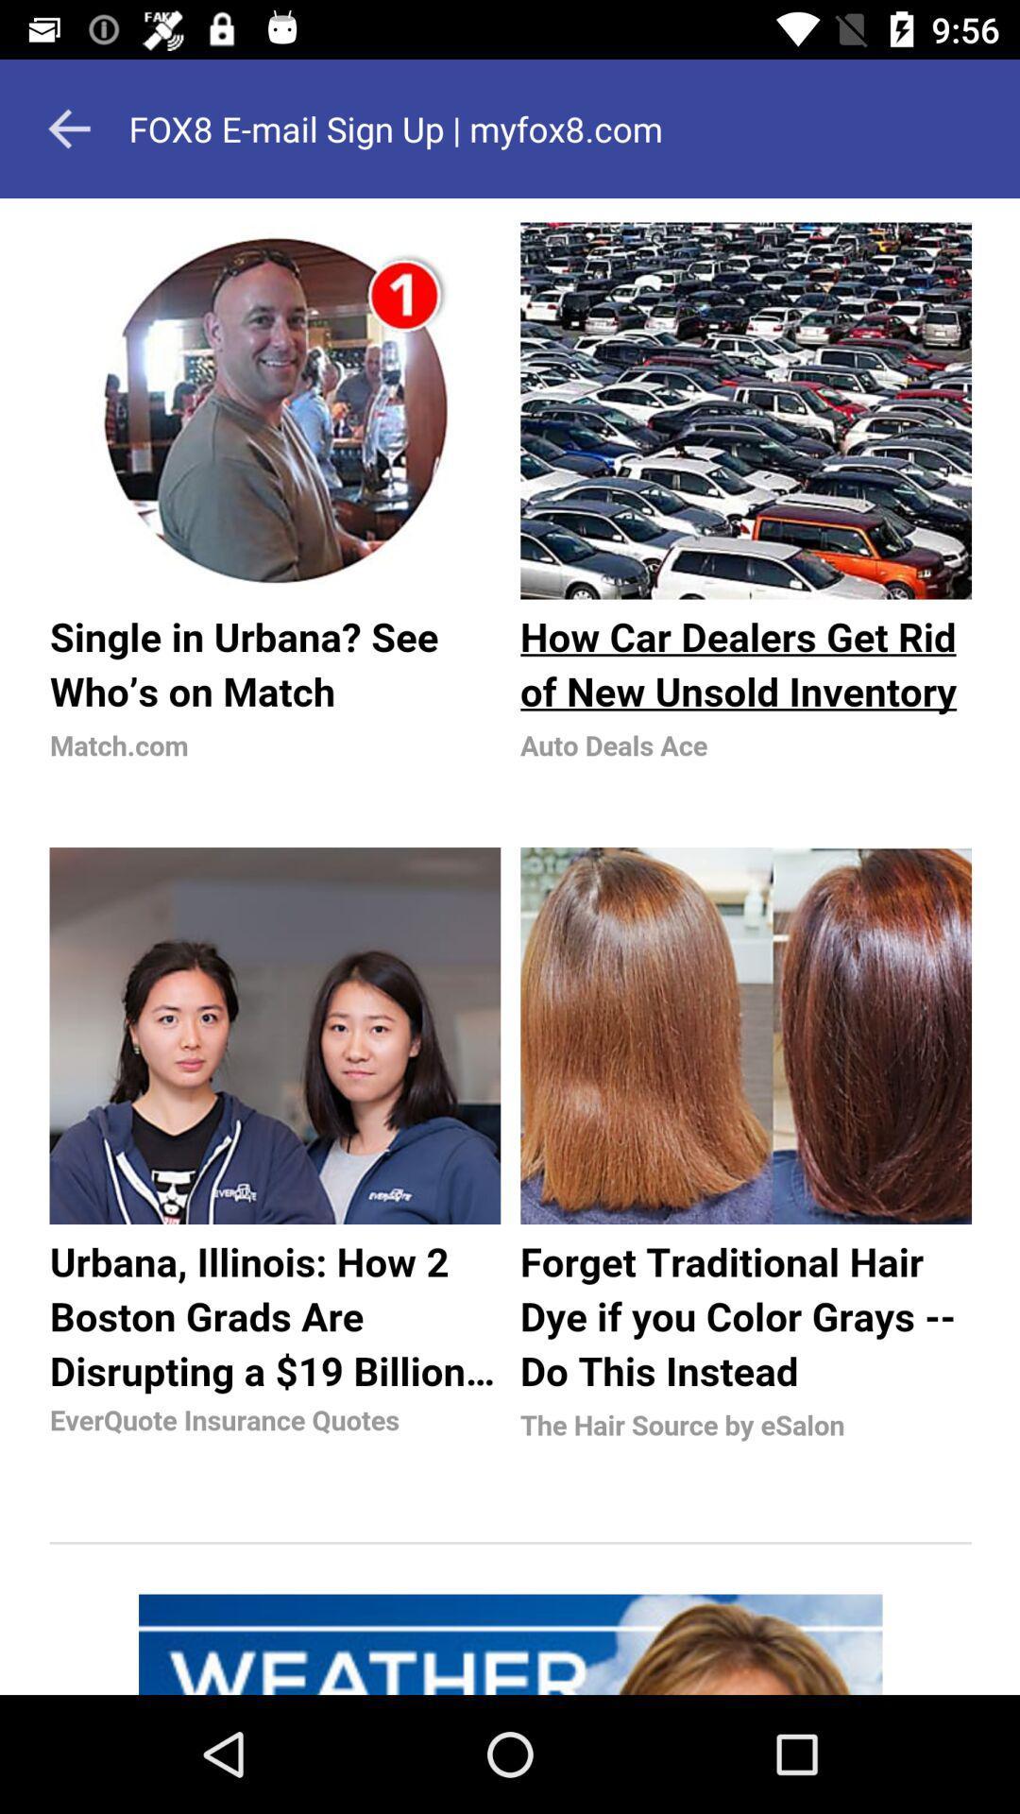 This screenshot has height=1814, width=1020. What do you see at coordinates (68, 128) in the screenshot?
I see `previous` at bounding box center [68, 128].